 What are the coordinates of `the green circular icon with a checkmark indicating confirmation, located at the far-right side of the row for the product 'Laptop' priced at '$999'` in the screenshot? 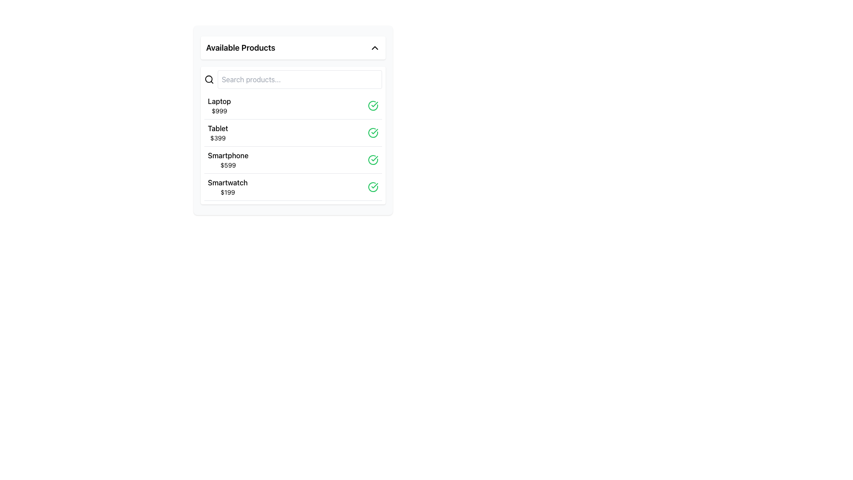 It's located at (373, 105).